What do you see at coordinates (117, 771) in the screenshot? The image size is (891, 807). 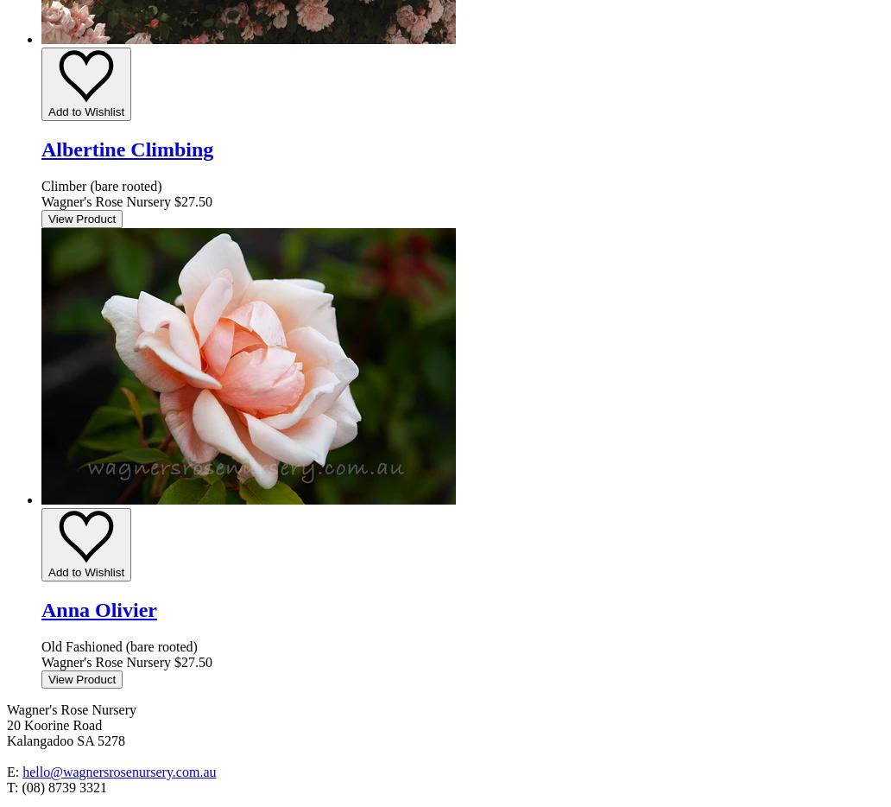 I see `'hello@wagnersrosenursery.com.au'` at bounding box center [117, 771].